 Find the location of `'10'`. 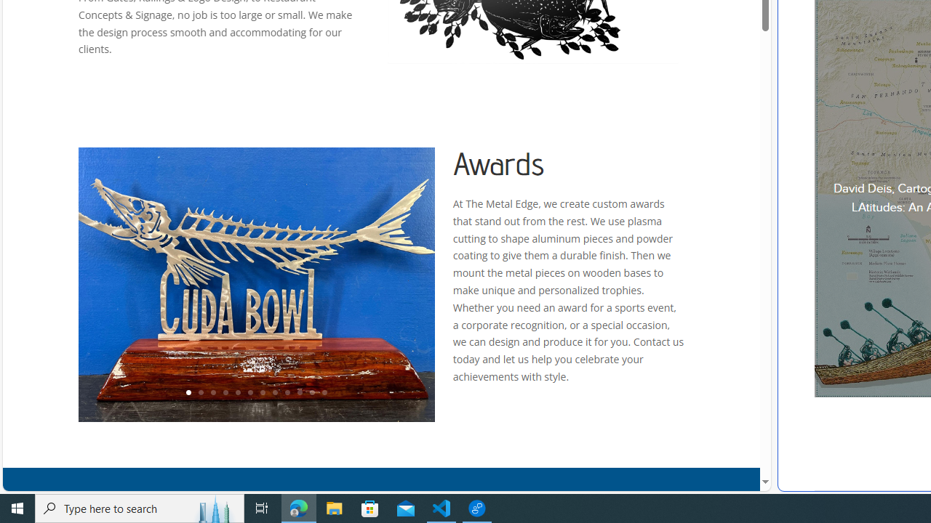

'10' is located at coordinates (299, 393).